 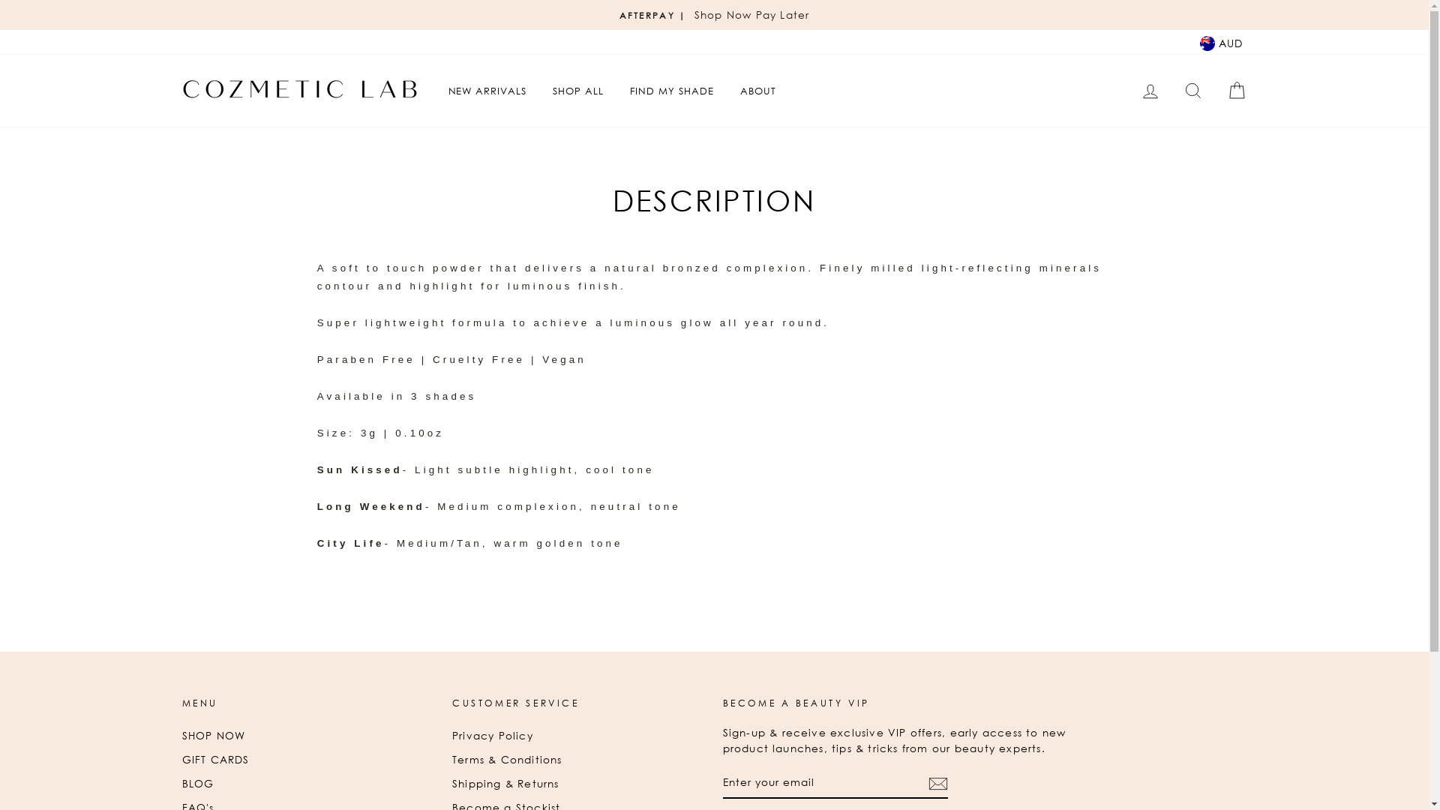 What do you see at coordinates (1235, 91) in the screenshot?
I see `'CART'` at bounding box center [1235, 91].